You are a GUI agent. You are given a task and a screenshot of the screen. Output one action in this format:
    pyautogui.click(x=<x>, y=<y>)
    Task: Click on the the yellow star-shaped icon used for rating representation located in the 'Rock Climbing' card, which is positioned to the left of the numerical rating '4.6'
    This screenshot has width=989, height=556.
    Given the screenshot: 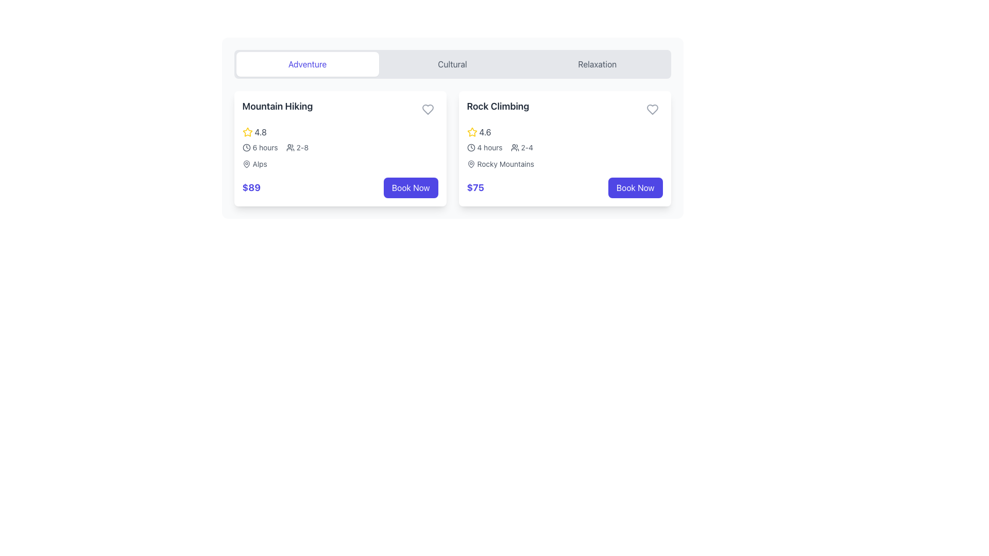 What is the action you would take?
    pyautogui.click(x=471, y=131)
    